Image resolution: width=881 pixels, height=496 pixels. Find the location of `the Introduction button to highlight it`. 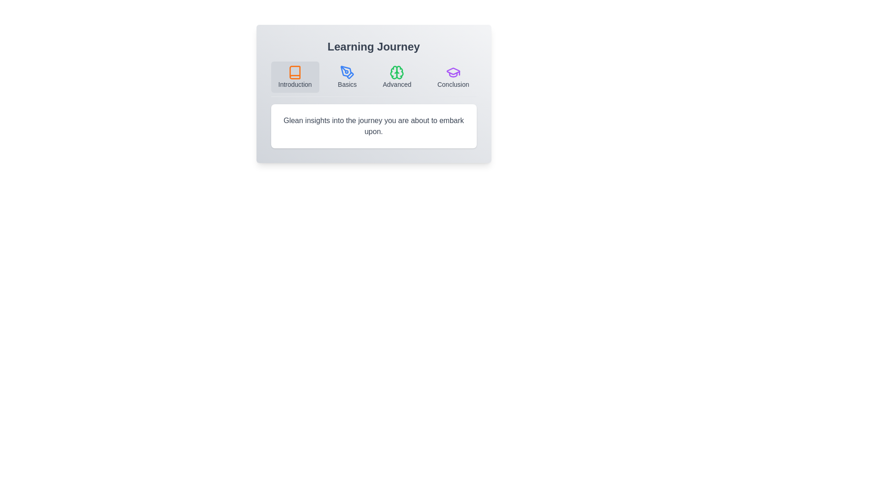

the Introduction button to highlight it is located at coordinates (295, 77).